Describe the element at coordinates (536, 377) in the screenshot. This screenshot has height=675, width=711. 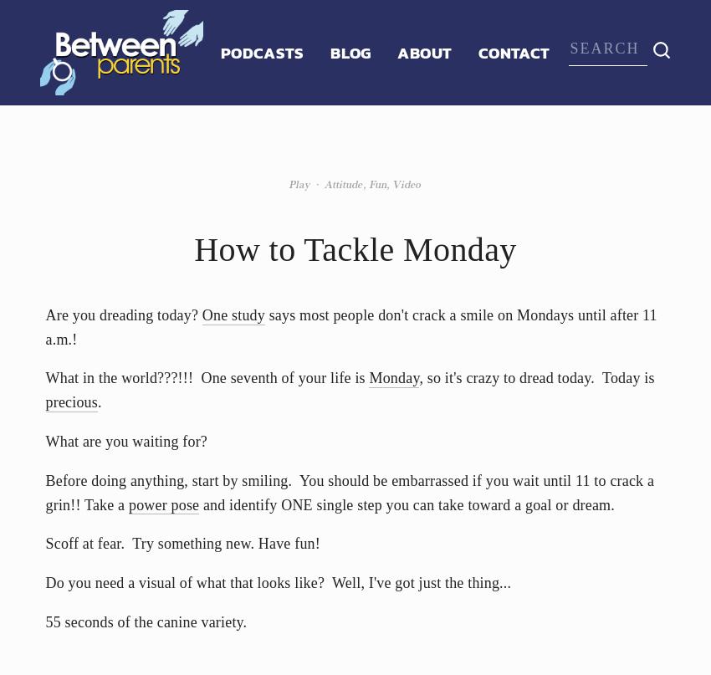
I see `', so it's crazy to dread today.  Today is'` at that location.